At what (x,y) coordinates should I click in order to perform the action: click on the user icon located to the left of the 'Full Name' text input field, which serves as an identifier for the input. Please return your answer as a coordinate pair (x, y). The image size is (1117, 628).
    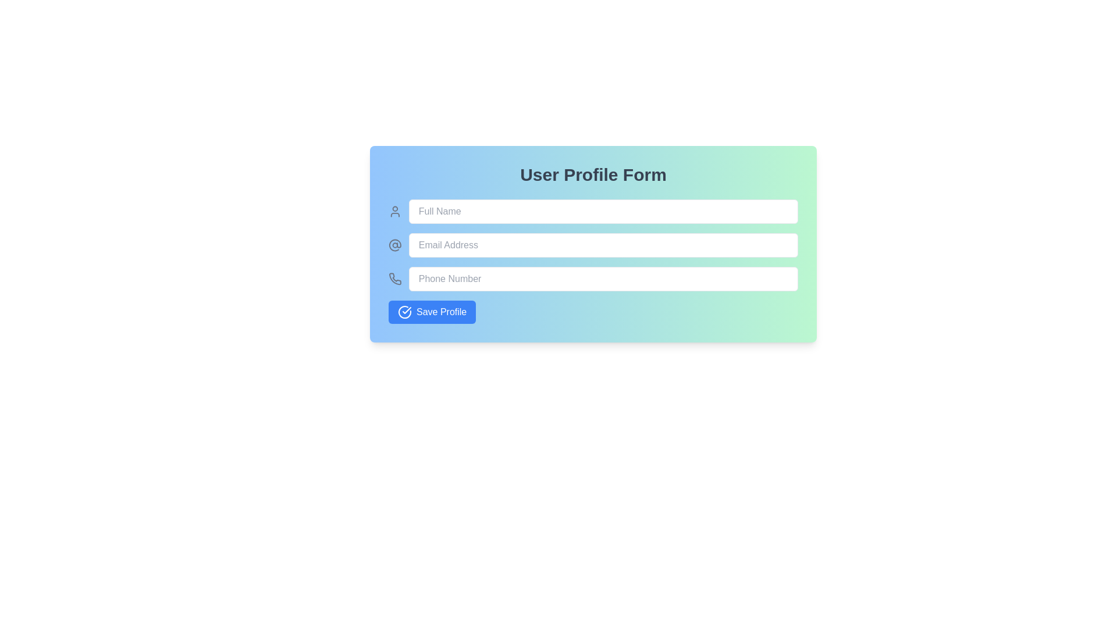
    Looking at the image, I should click on (395, 211).